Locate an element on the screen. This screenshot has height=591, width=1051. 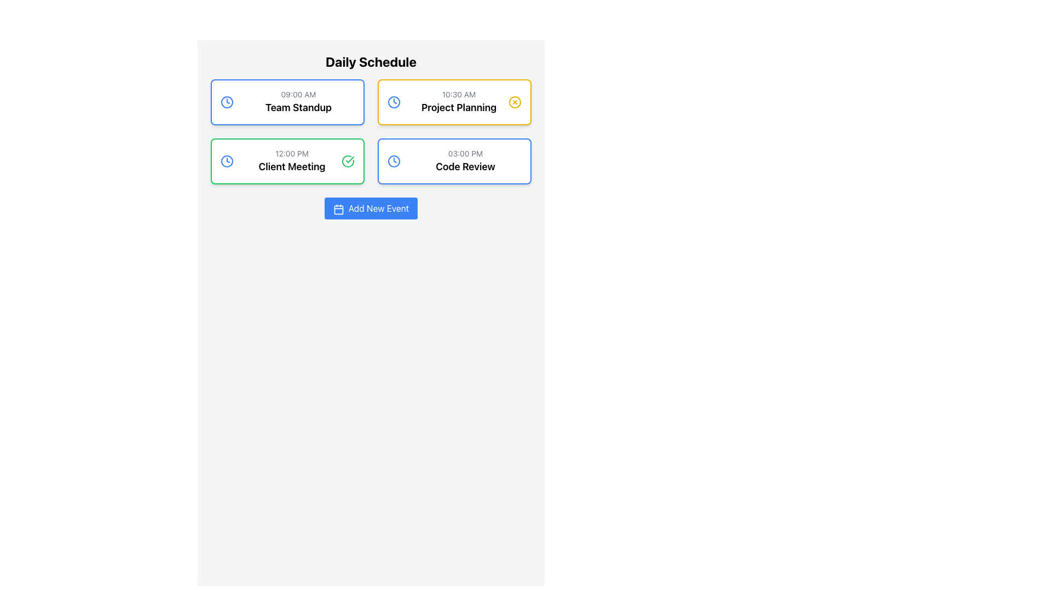
the button located at the bottom of the main content area is located at coordinates (371, 208).